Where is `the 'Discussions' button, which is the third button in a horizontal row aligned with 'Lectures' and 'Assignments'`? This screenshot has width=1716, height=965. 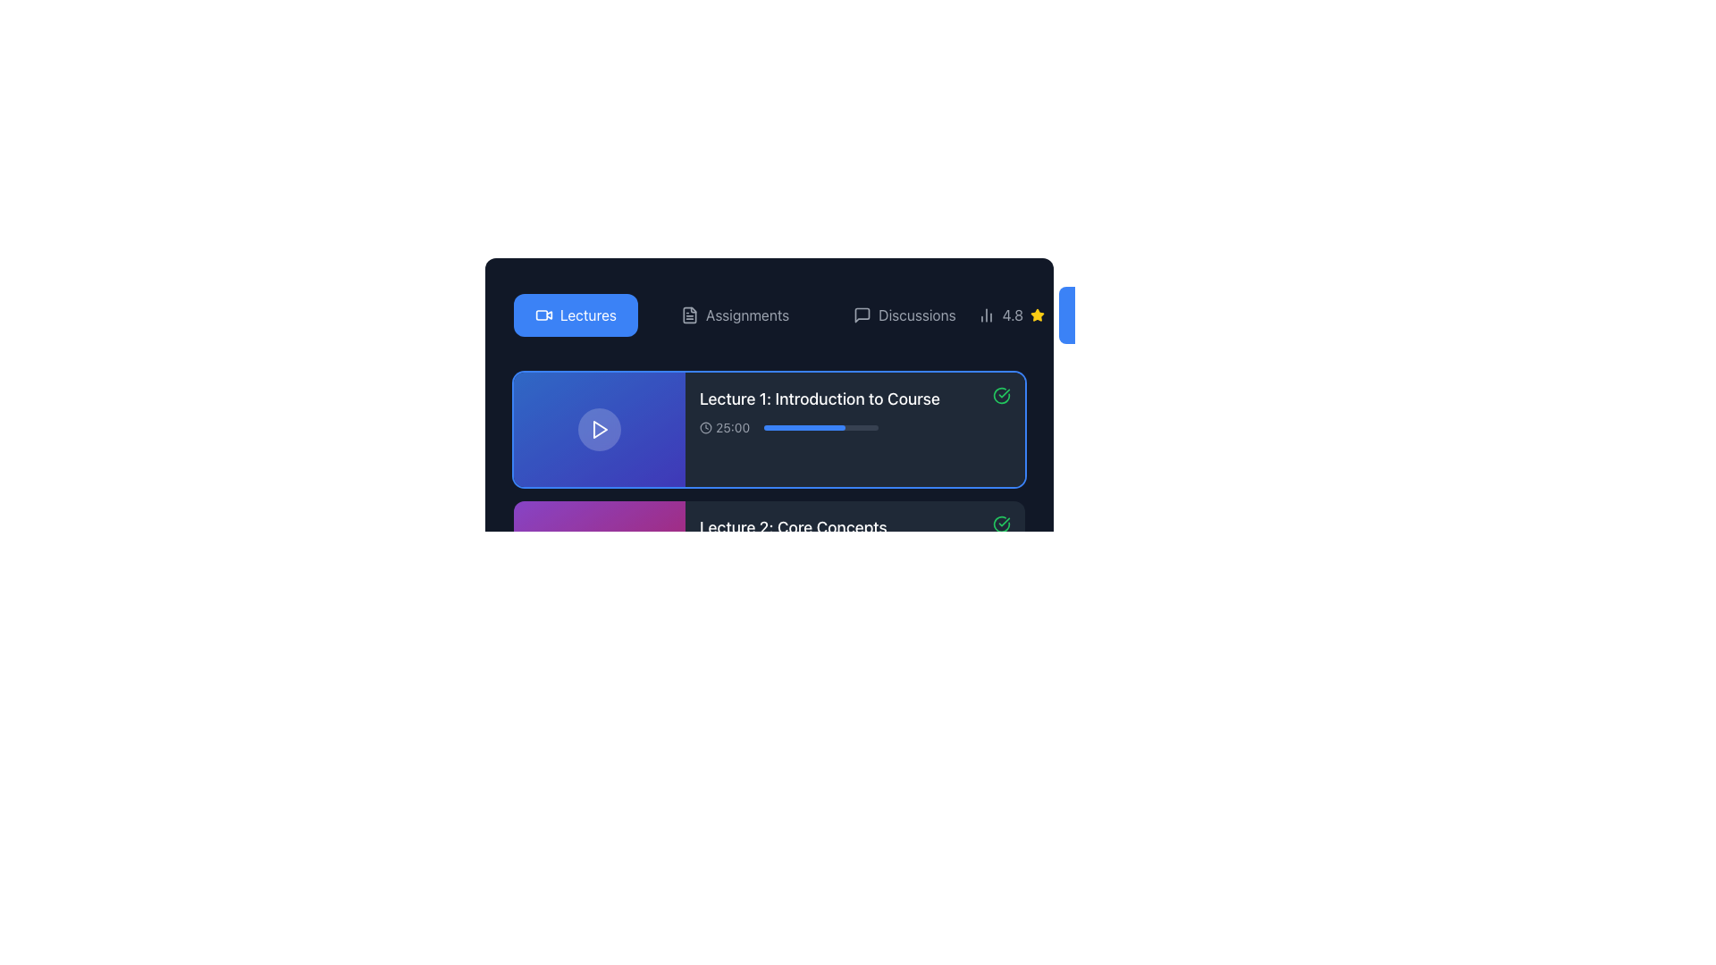
the 'Discussions' button, which is the third button in a horizontal row aligned with 'Lectures' and 'Assignments' is located at coordinates (904, 315).